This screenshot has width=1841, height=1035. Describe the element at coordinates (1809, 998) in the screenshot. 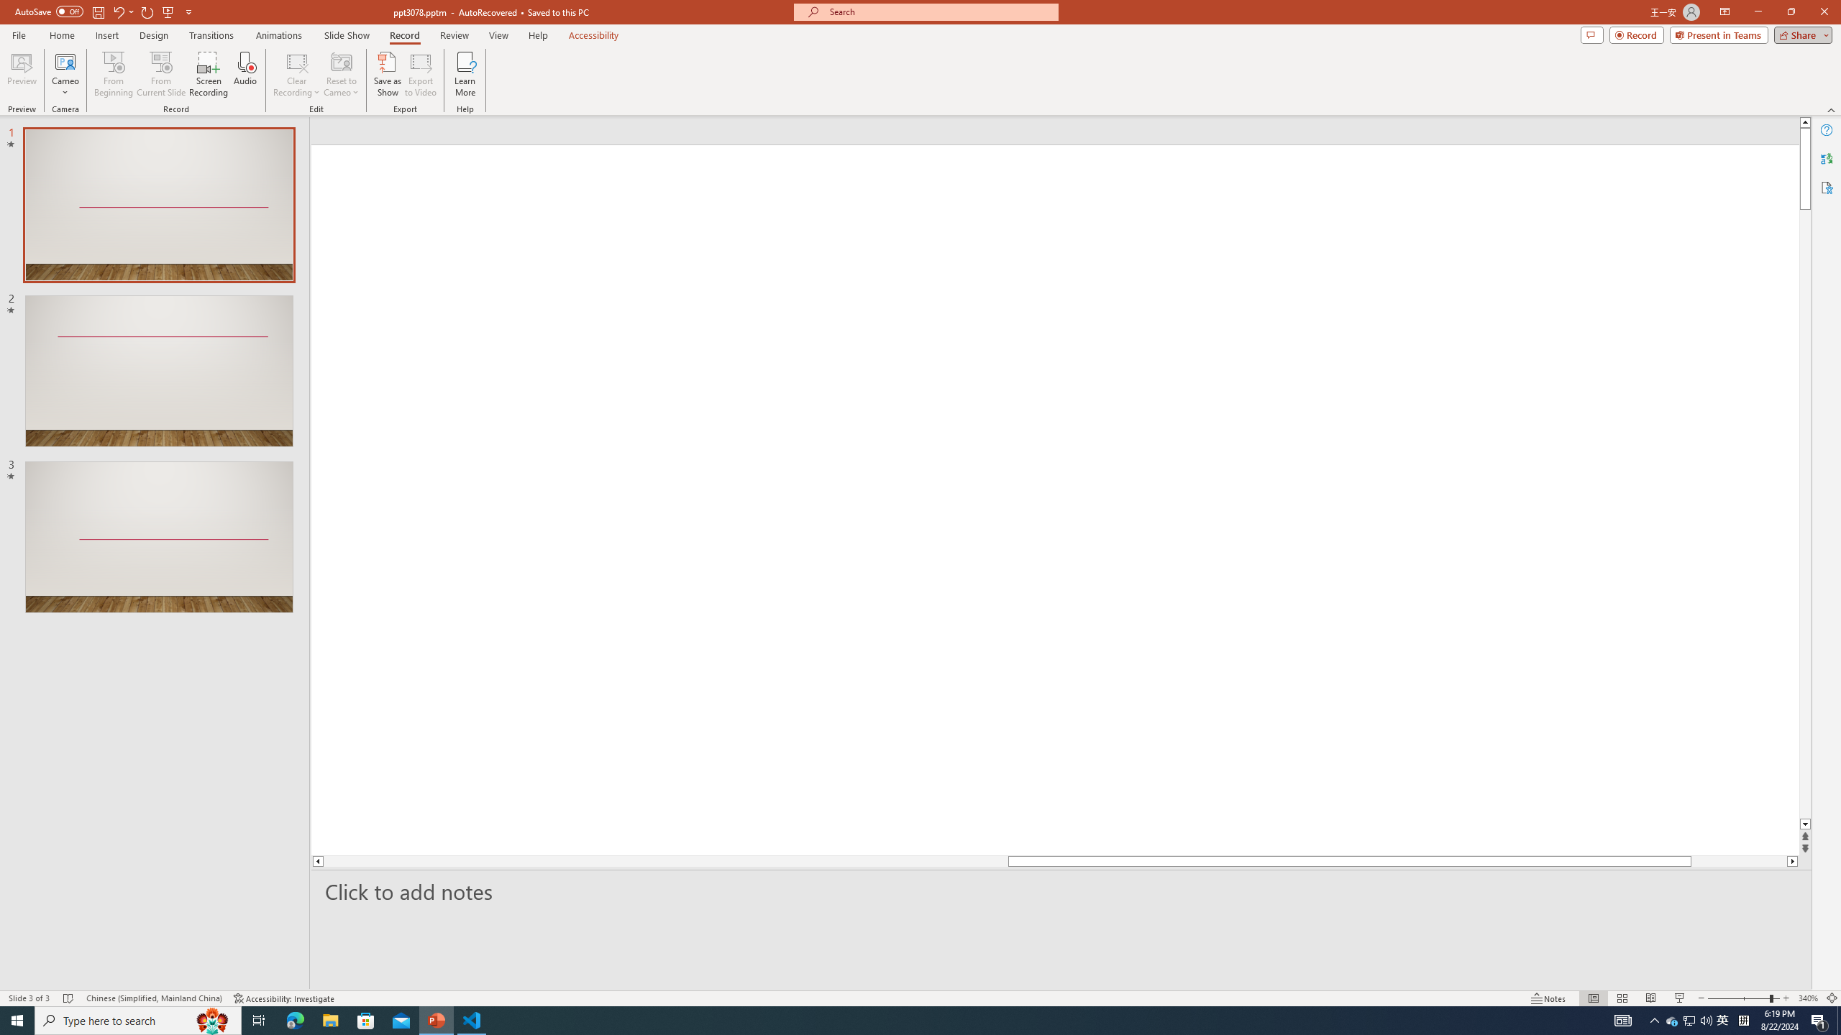

I see `'Zoom 340%'` at that location.